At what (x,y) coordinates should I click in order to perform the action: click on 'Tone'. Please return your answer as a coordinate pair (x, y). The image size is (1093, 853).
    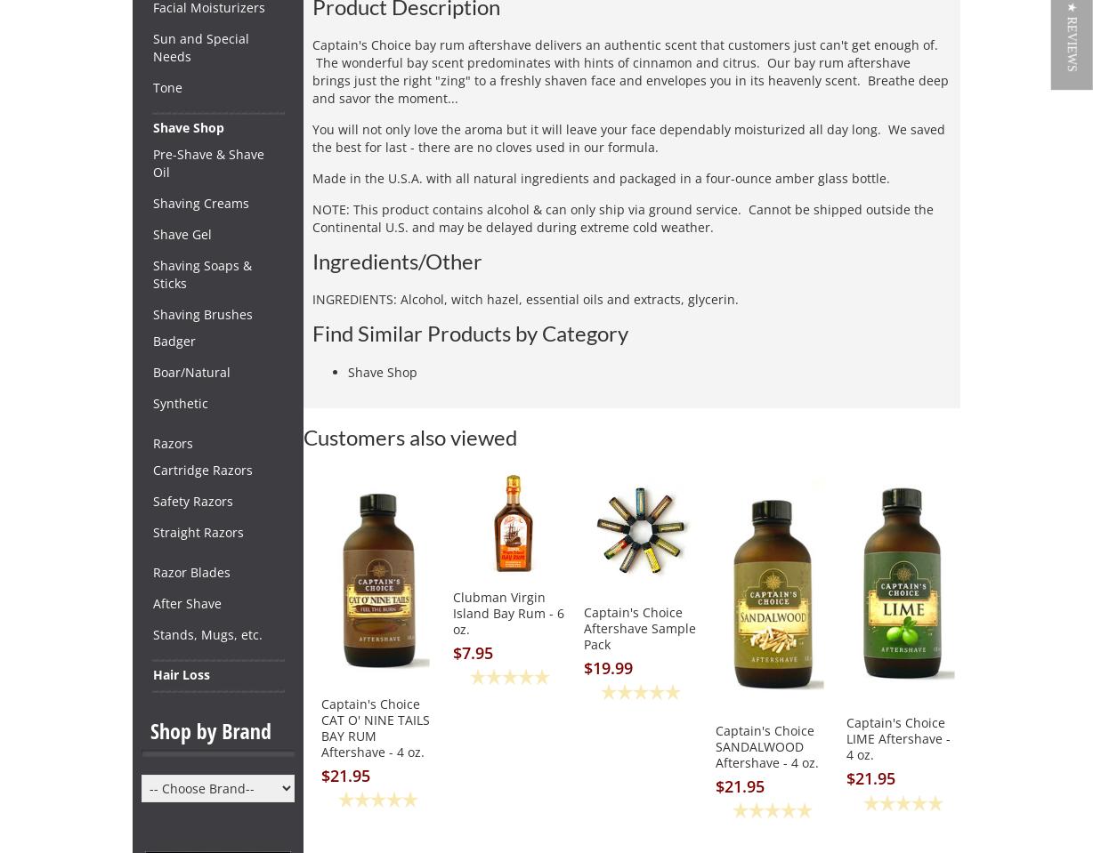
    Looking at the image, I should click on (166, 87).